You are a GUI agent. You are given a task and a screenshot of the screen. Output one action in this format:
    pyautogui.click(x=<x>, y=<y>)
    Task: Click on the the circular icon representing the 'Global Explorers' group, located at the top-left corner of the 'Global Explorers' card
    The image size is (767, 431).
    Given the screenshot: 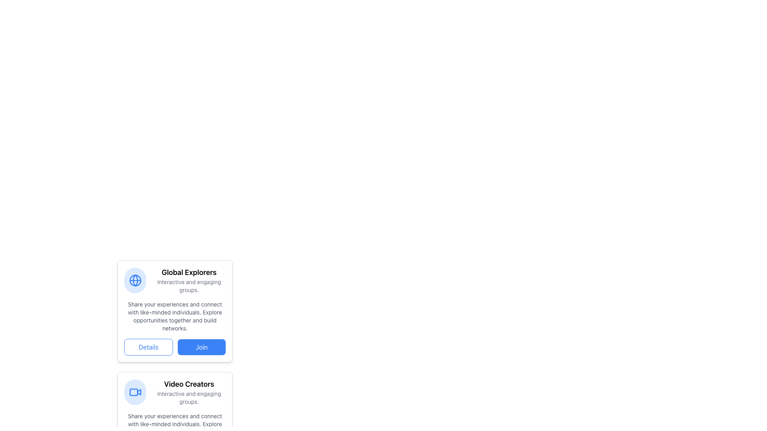 What is the action you would take?
    pyautogui.click(x=135, y=280)
    